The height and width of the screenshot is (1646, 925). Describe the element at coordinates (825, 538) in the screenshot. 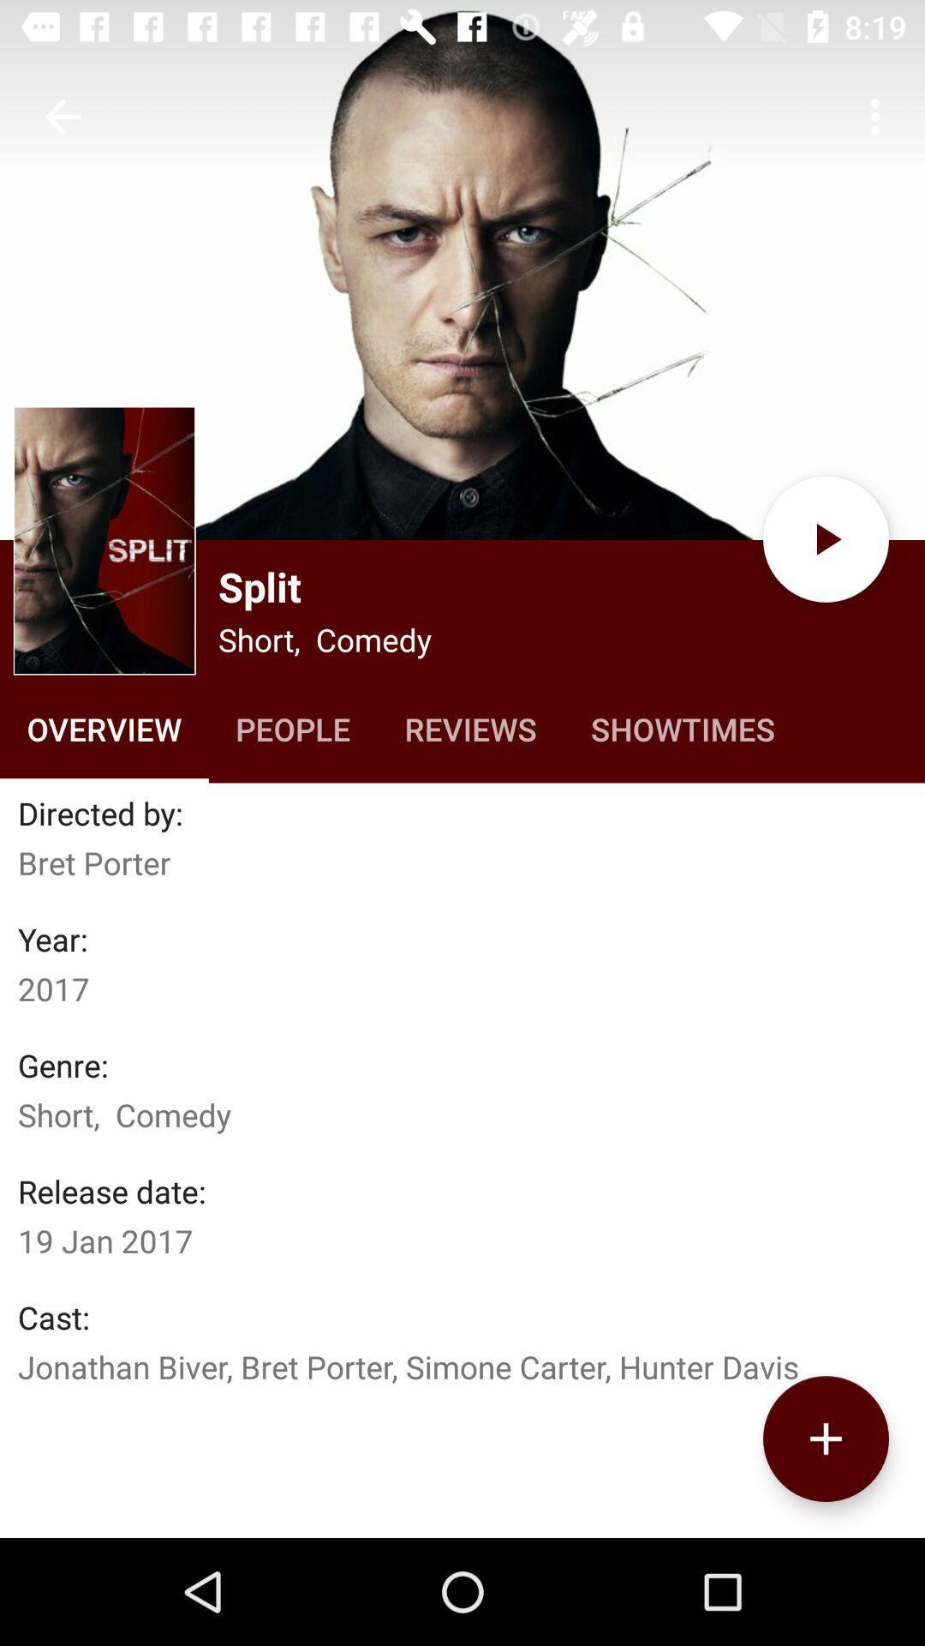

I see `the play icon` at that location.